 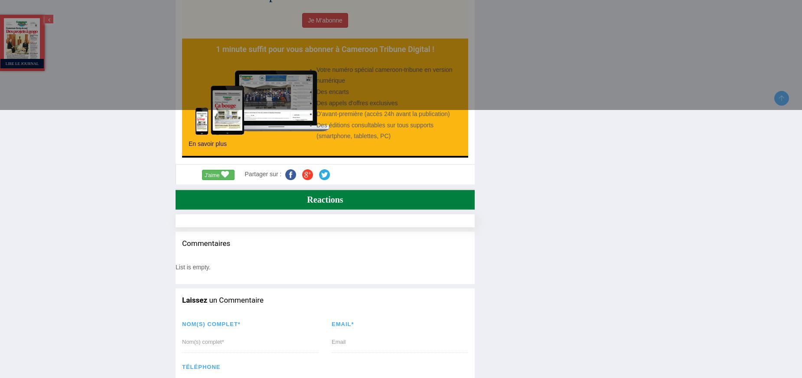 I want to click on 'Commentaires', so click(x=206, y=242).